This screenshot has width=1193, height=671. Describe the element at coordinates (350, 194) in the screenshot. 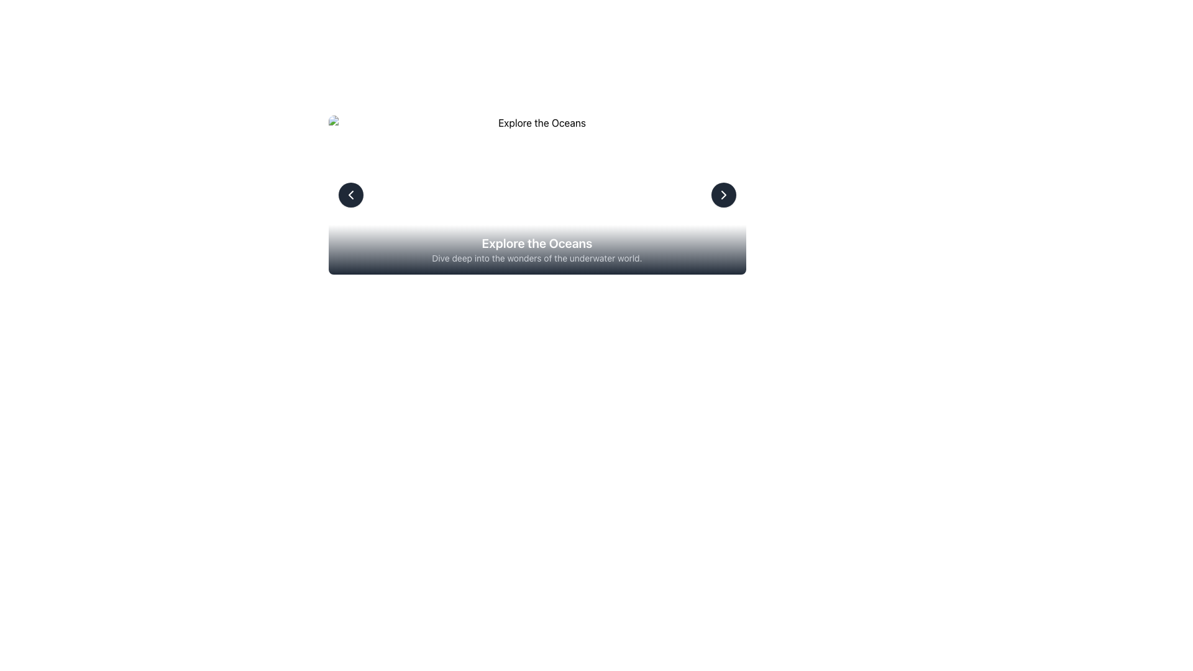

I see `the left-facing chevron arrow icon` at that location.